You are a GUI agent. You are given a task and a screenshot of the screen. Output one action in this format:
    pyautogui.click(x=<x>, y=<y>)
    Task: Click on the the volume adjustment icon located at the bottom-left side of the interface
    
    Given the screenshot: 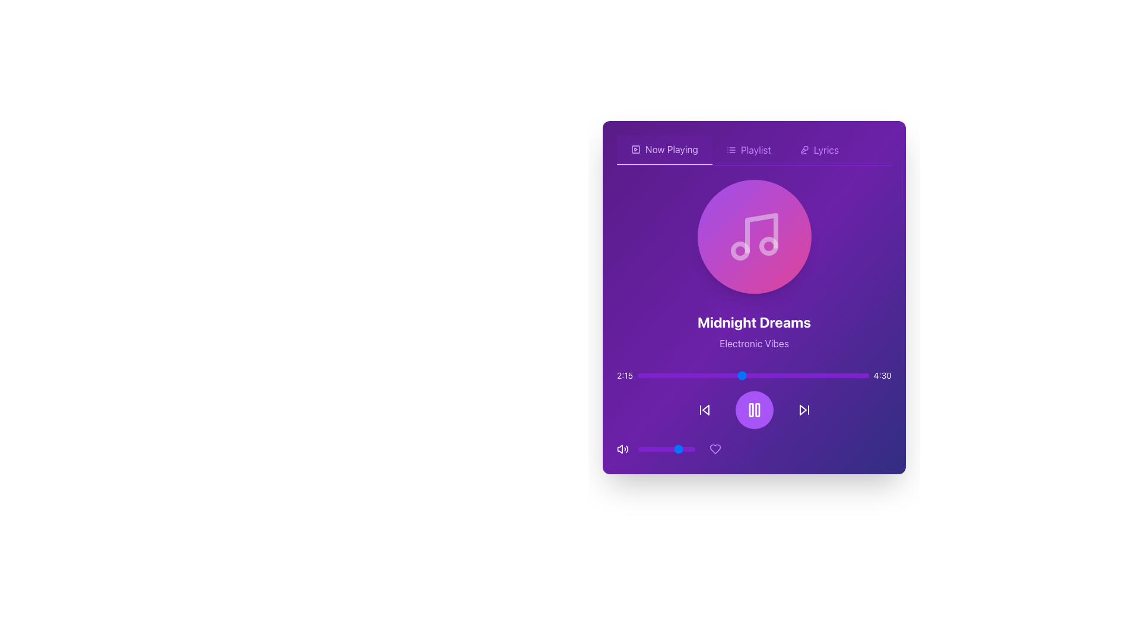 What is the action you would take?
    pyautogui.click(x=622, y=449)
    